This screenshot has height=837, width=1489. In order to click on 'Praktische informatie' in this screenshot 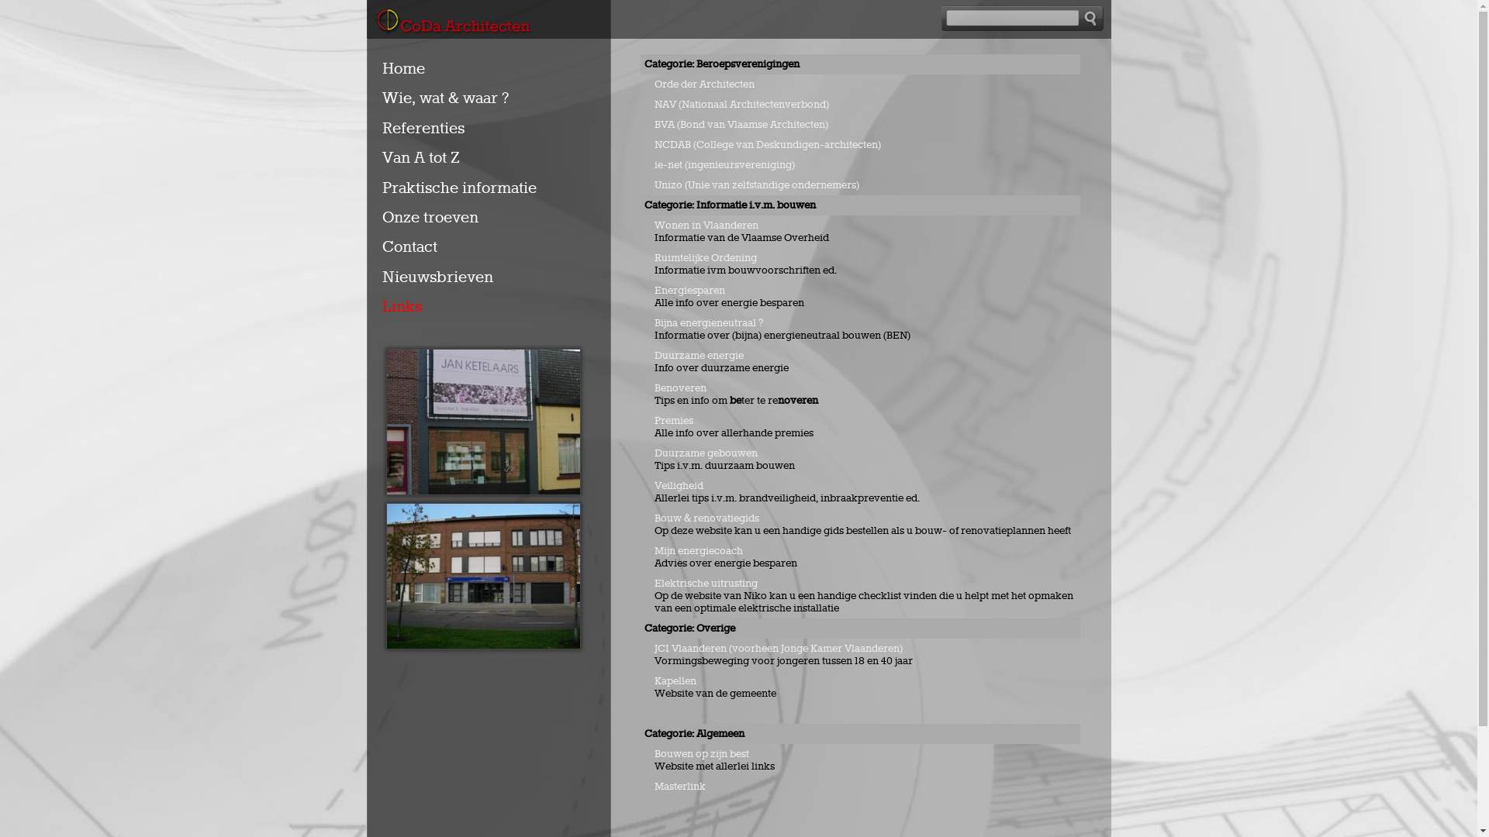, I will do `click(461, 188)`.